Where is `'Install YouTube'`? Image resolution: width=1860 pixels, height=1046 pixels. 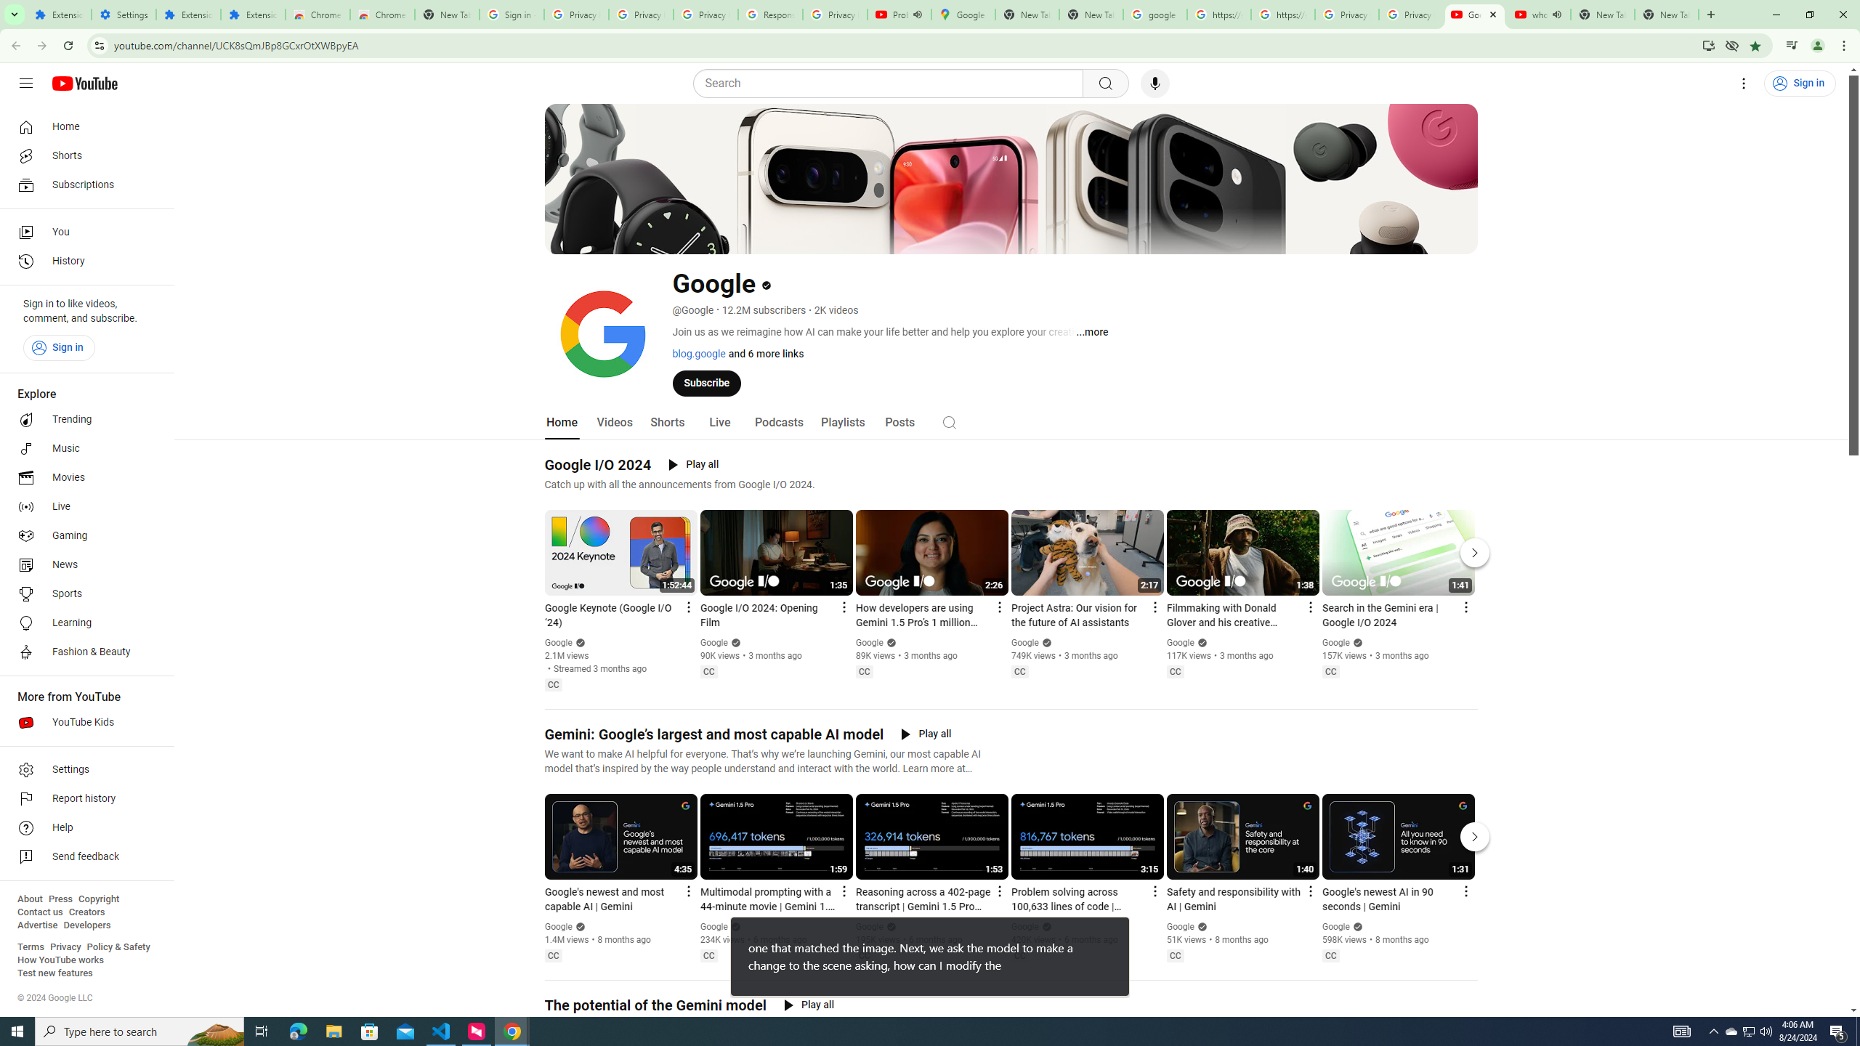
'Install YouTube' is located at coordinates (1708, 44).